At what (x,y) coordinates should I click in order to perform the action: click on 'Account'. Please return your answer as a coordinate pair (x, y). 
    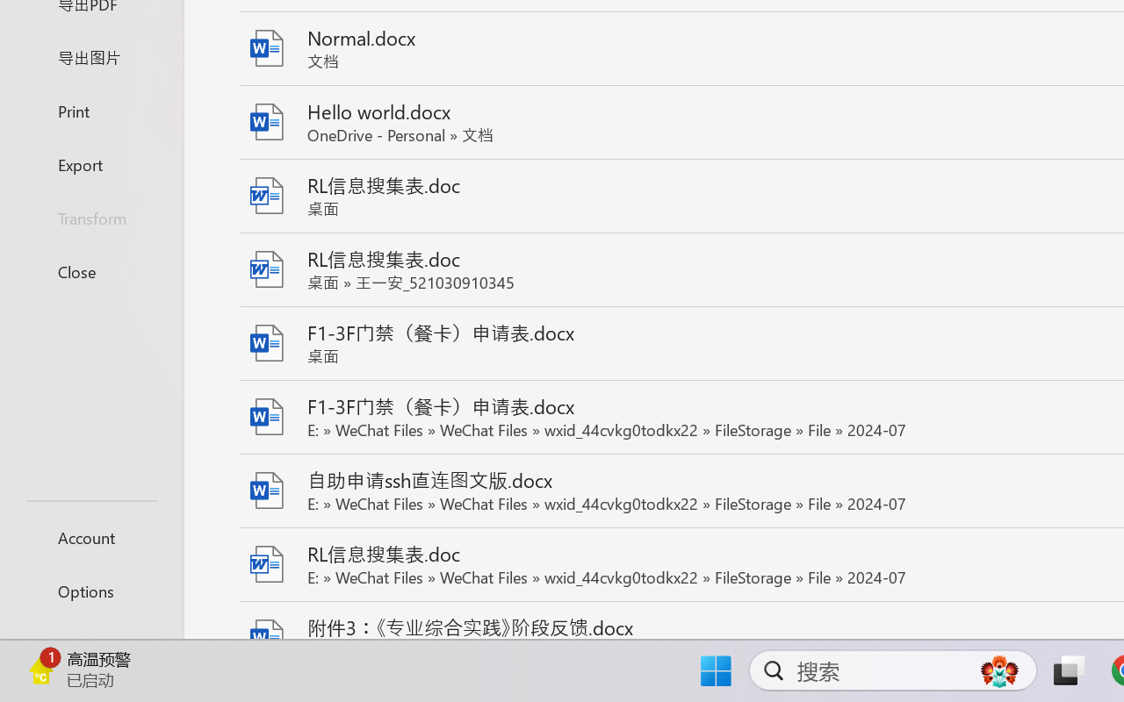
    Looking at the image, I should click on (90, 537).